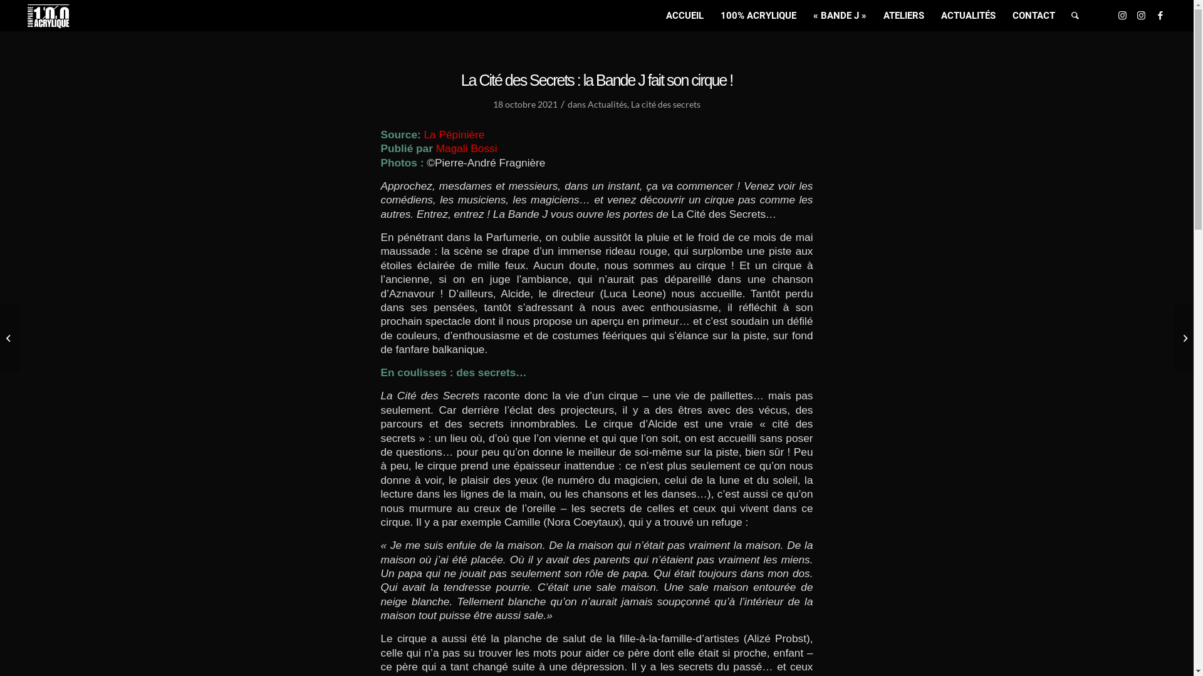  What do you see at coordinates (1033, 15) in the screenshot?
I see `'CONTACT'` at bounding box center [1033, 15].